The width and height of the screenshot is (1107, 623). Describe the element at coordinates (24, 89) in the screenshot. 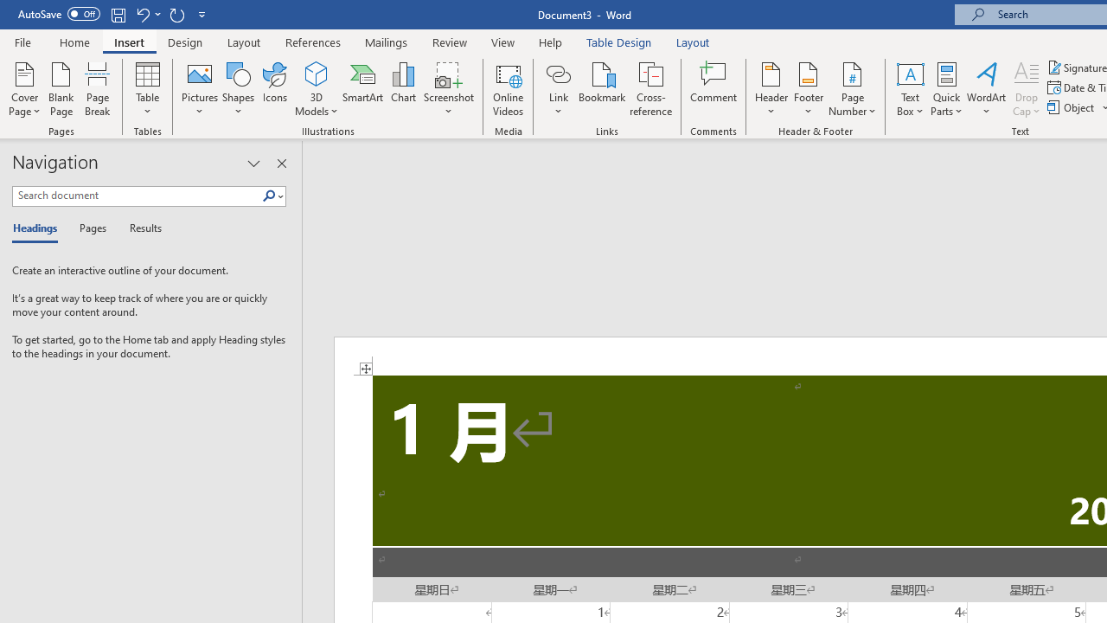

I see `'Cover Page'` at that location.